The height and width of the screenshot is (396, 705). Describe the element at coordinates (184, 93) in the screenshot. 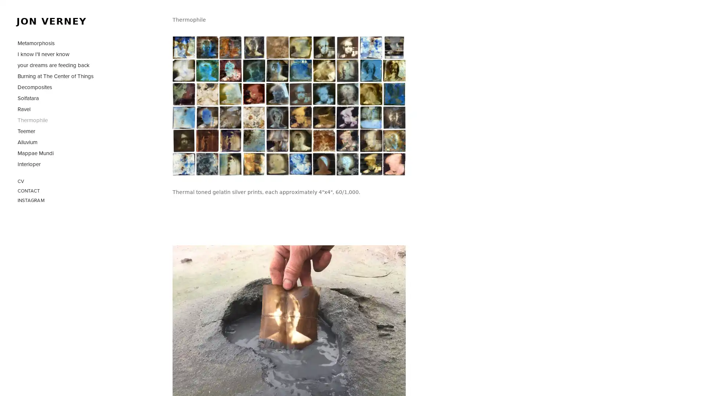

I see `View fullsize jon_verney_thermophile_22.jpg` at that location.